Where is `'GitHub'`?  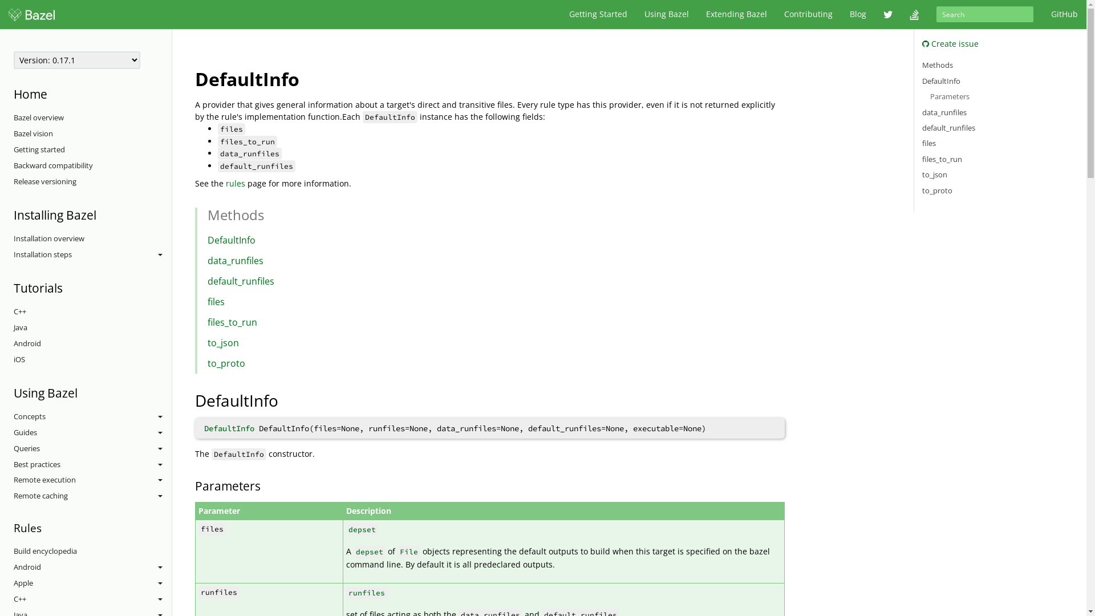 'GitHub' is located at coordinates (1064, 14).